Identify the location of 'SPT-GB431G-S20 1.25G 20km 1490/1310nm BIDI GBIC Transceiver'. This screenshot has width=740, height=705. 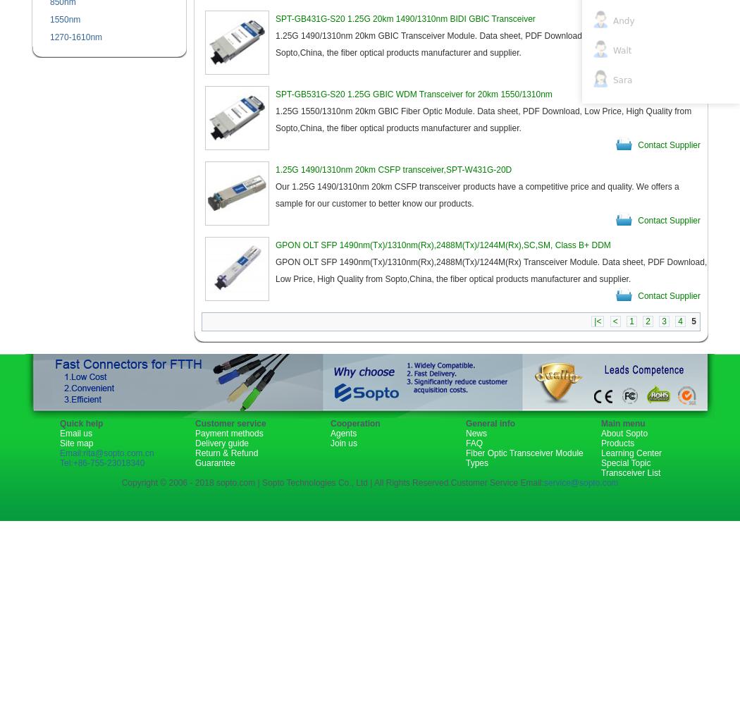
(276, 19).